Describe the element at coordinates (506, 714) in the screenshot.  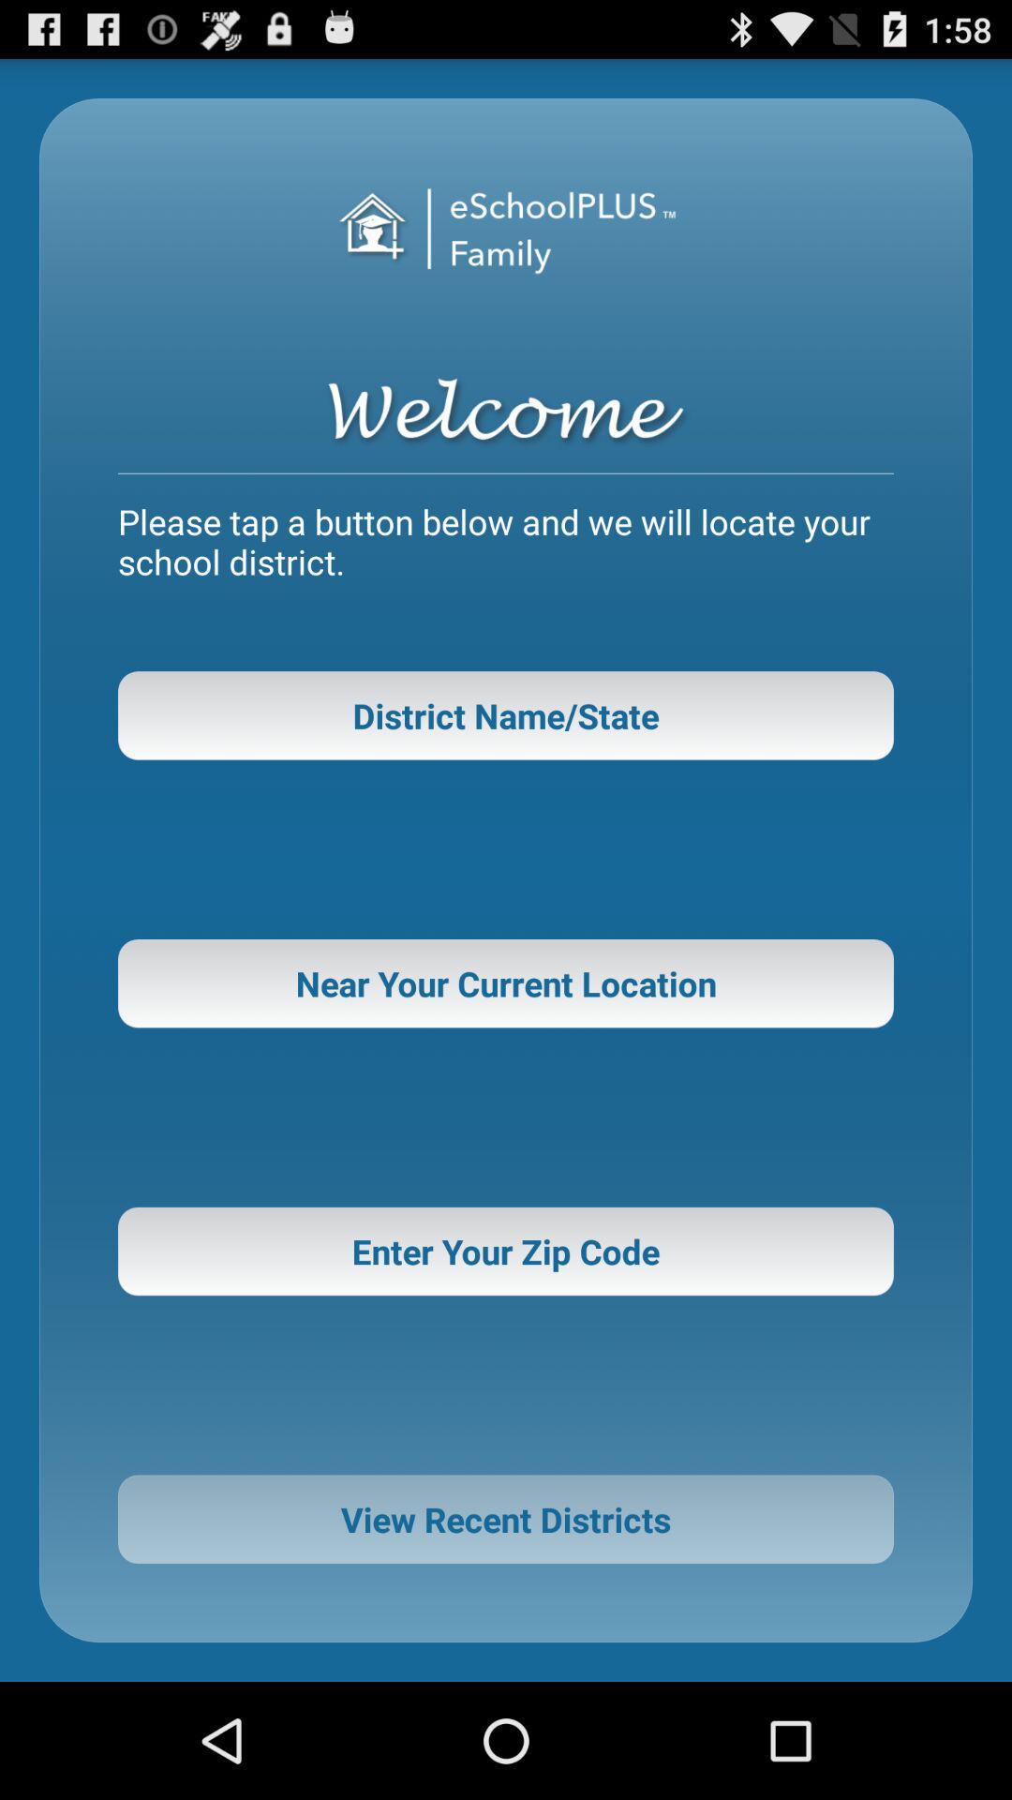
I see `the district name/state` at that location.